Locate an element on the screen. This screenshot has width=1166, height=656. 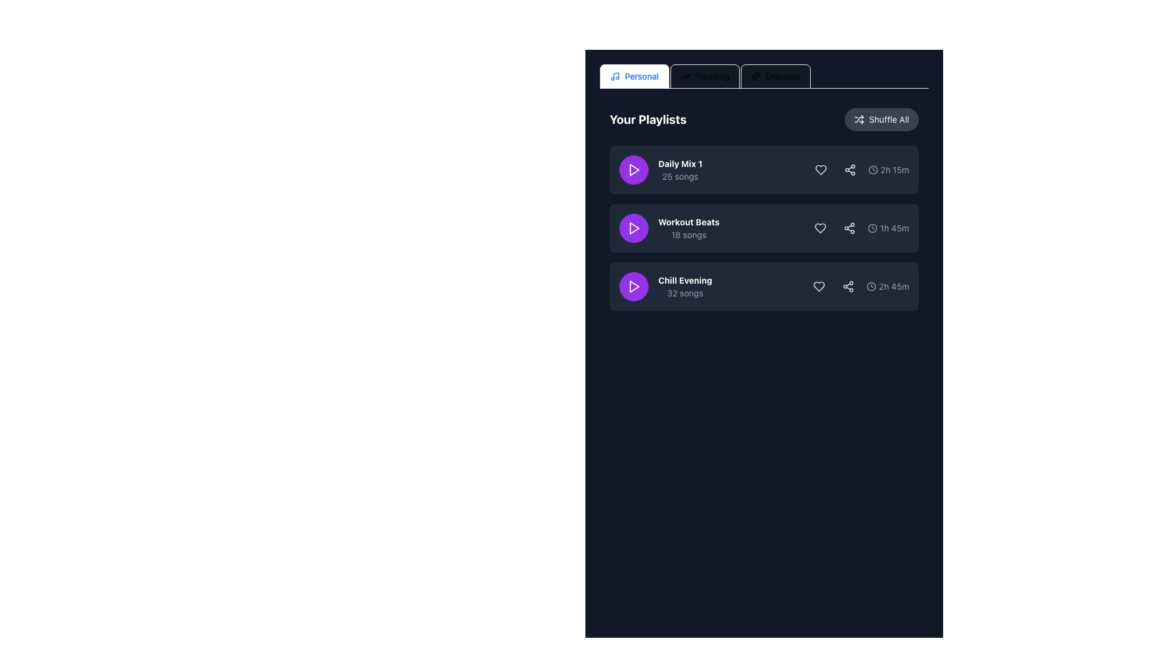
the 'Share' icon located to the left of the time duration indicator for the 'Chill Evening' playlist is located at coordinates (848, 286).